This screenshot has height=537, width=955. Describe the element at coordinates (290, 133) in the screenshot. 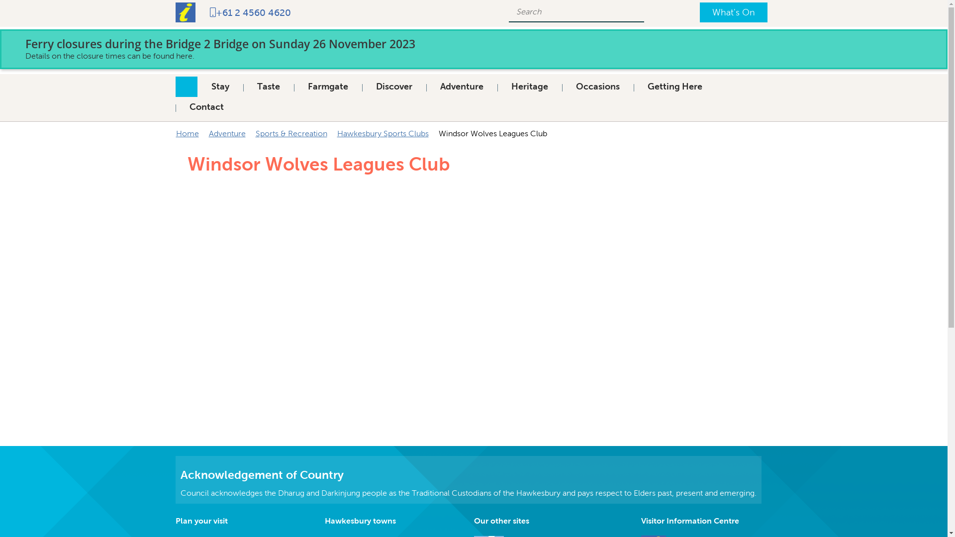

I see `'Sports & Recreation'` at that location.